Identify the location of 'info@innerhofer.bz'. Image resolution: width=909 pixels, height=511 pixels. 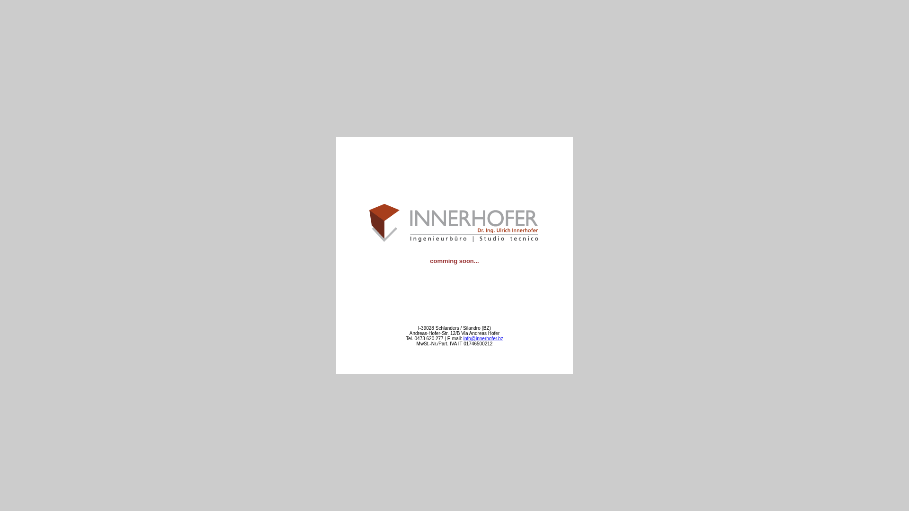
(483, 338).